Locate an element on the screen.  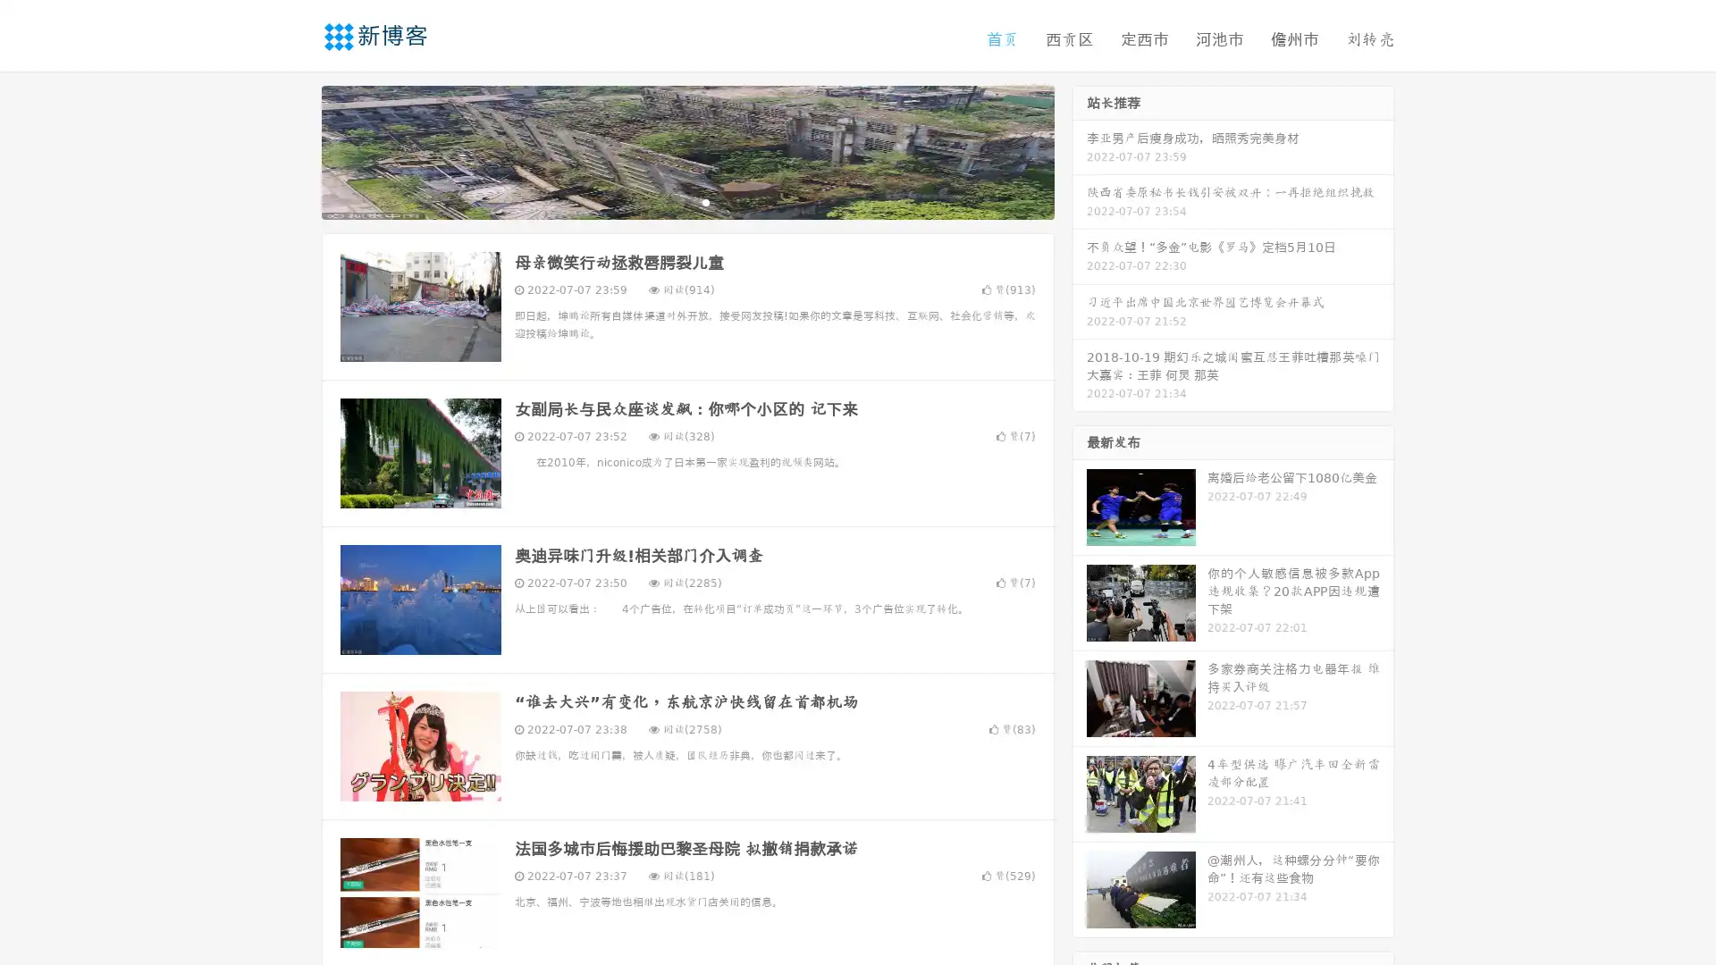
Go to slide 3 is located at coordinates (705, 201).